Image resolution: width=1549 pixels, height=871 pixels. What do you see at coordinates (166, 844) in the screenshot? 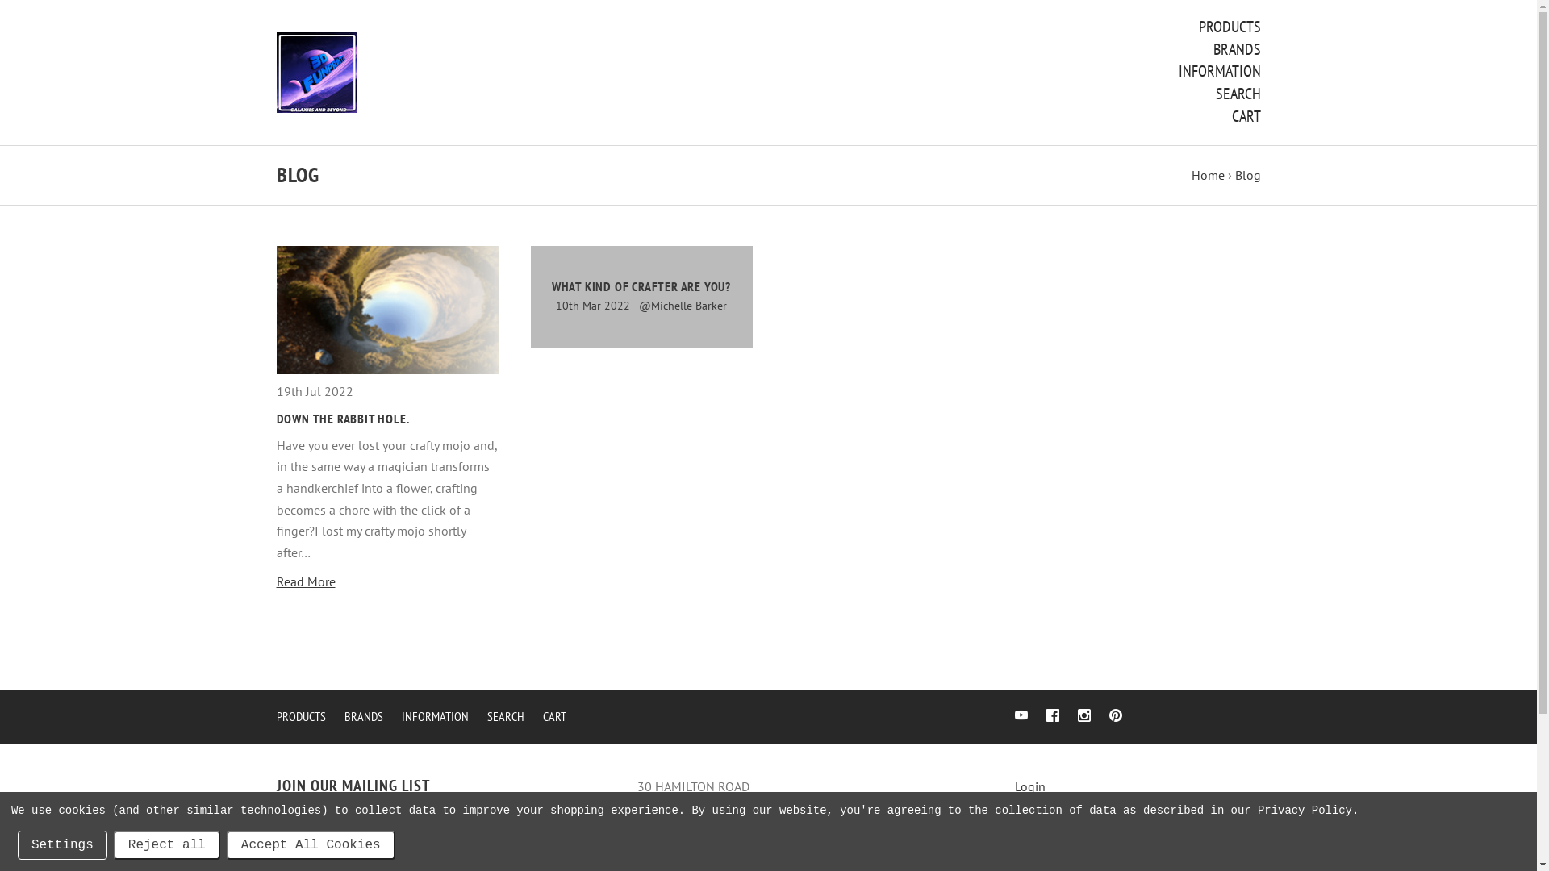
I see `'Reject all'` at bounding box center [166, 844].